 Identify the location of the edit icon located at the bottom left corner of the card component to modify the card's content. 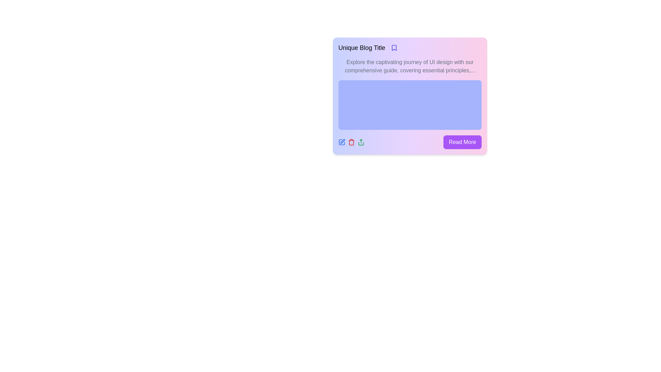
(342, 142).